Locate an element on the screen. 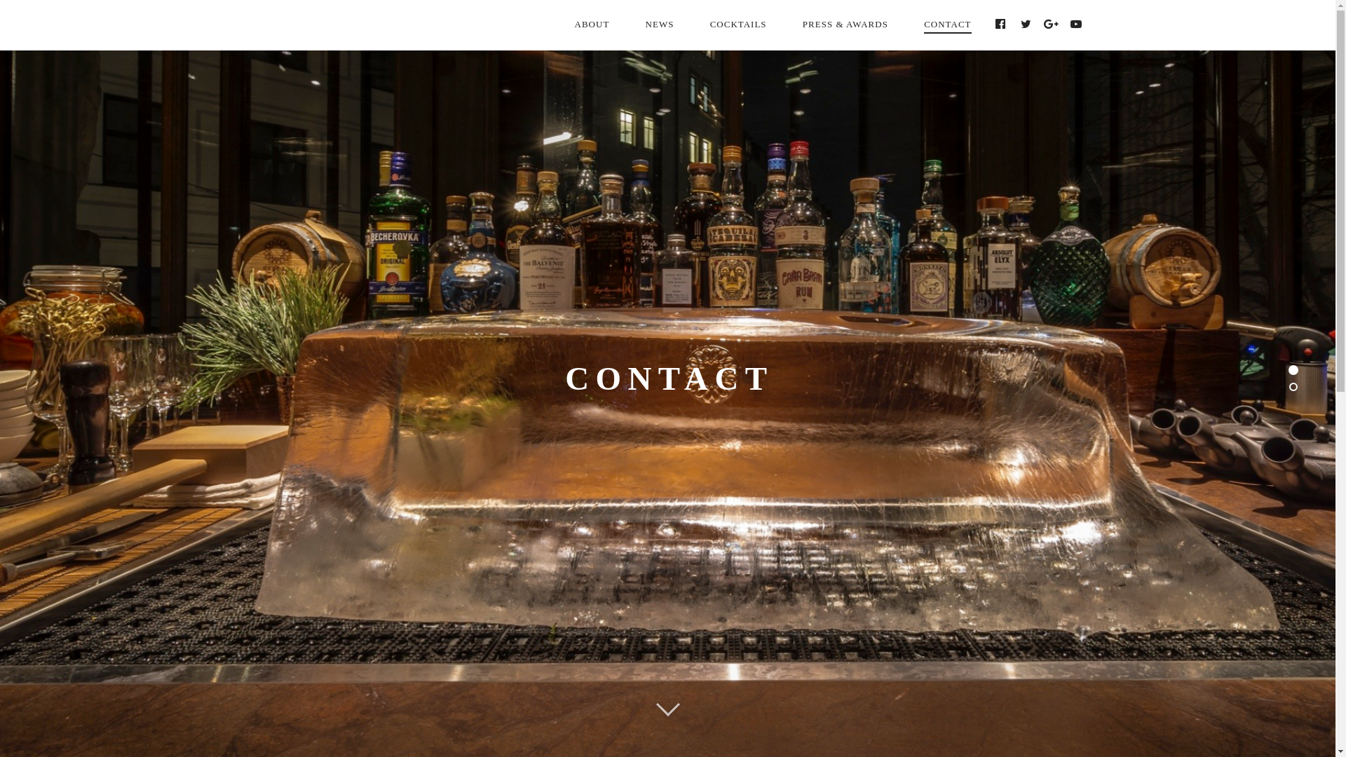  'ABOUT' is located at coordinates (557, 24).